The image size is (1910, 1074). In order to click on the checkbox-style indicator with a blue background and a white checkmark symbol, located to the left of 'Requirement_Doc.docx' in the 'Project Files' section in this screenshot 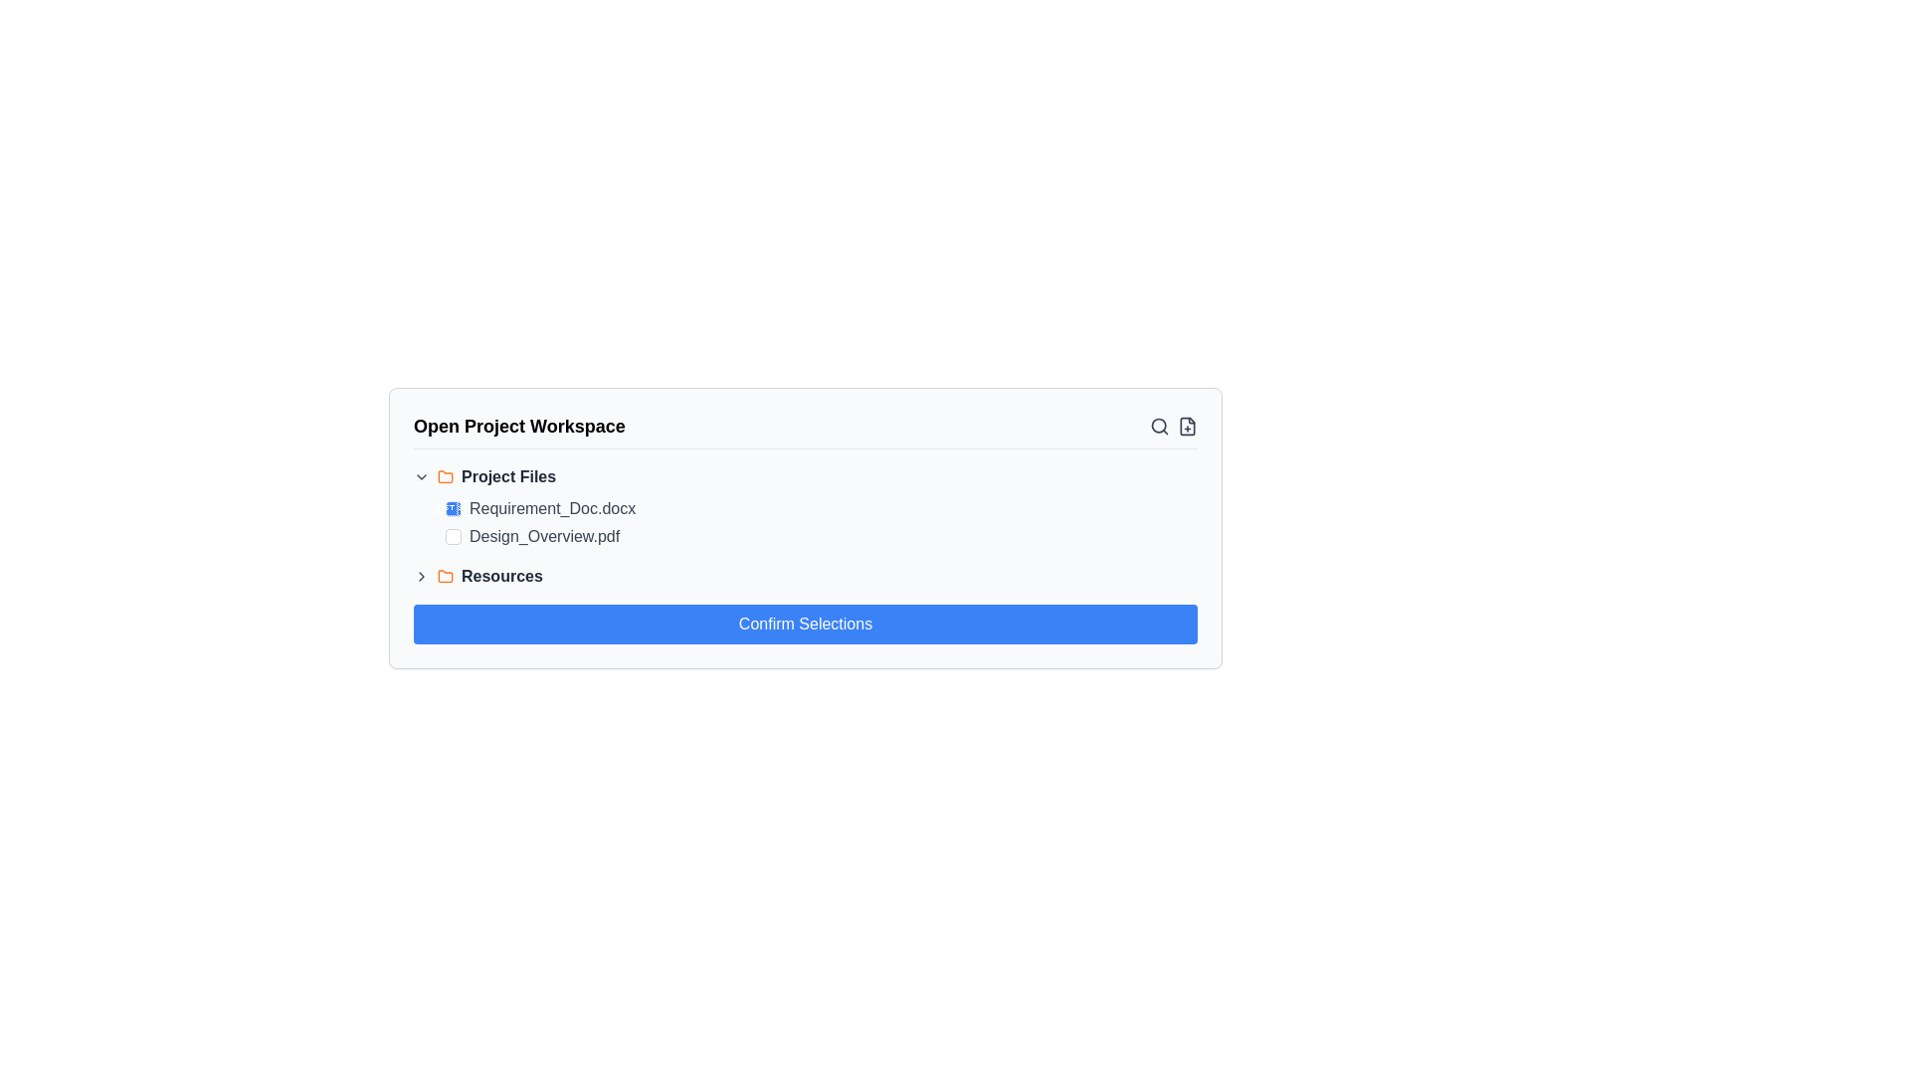, I will do `click(453, 508)`.